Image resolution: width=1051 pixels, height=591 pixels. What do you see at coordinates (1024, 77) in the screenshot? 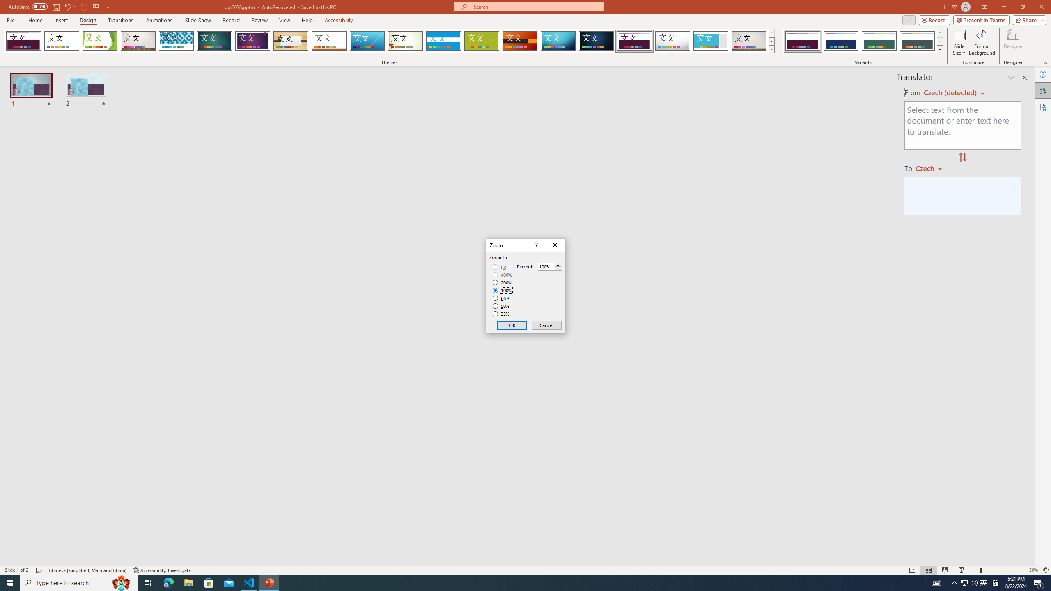
I see `'Close pane'` at bounding box center [1024, 77].